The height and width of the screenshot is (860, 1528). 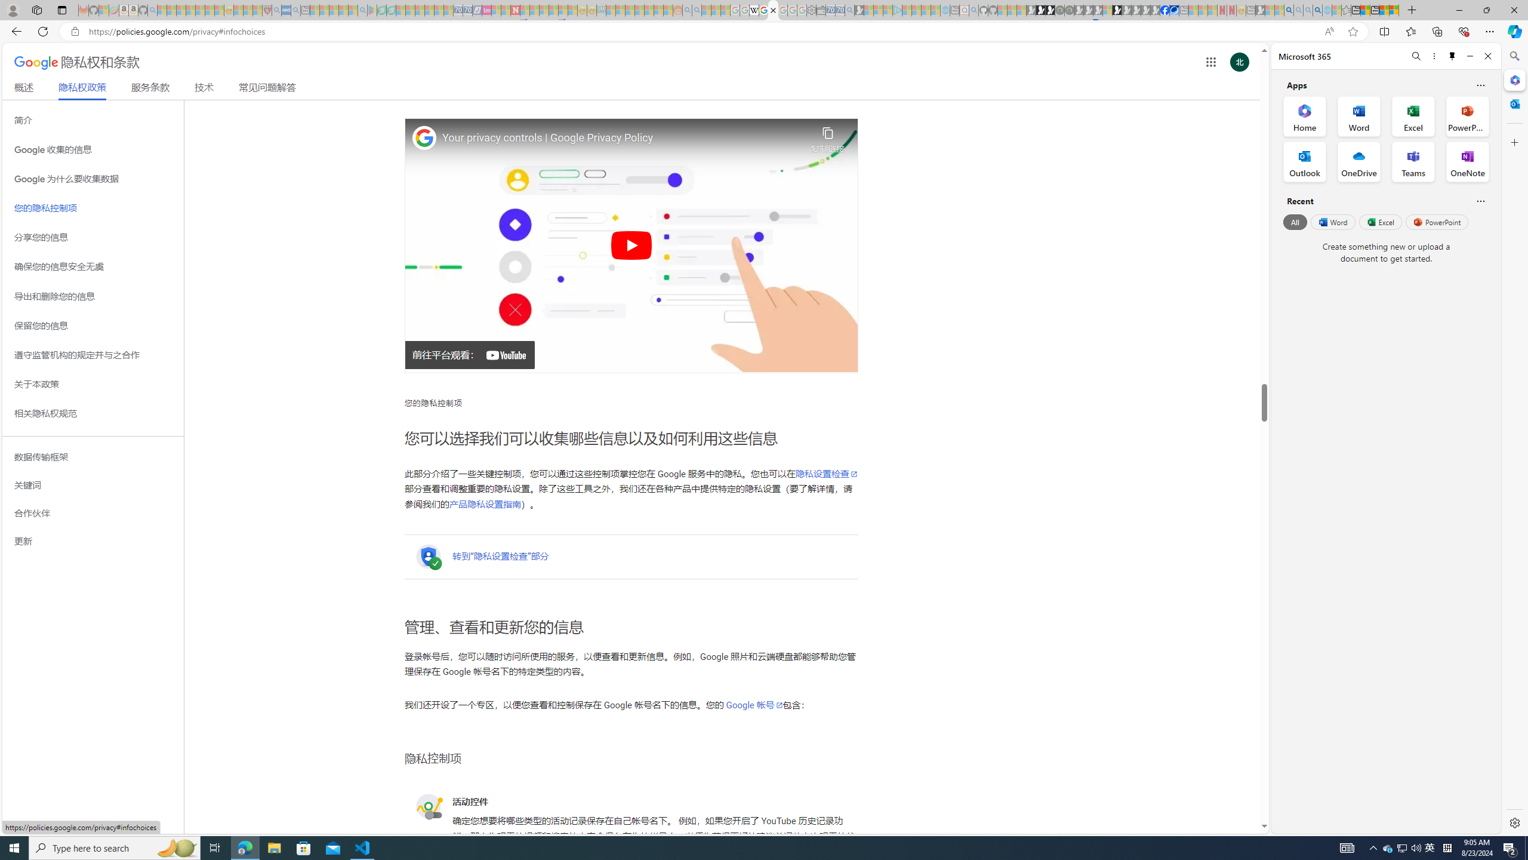 What do you see at coordinates (1364, 10) in the screenshot?
I see `'Aberdeen, Hong Kong SAR weather forecast | Microsoft Weather'` at bounding box center [1364, 10].